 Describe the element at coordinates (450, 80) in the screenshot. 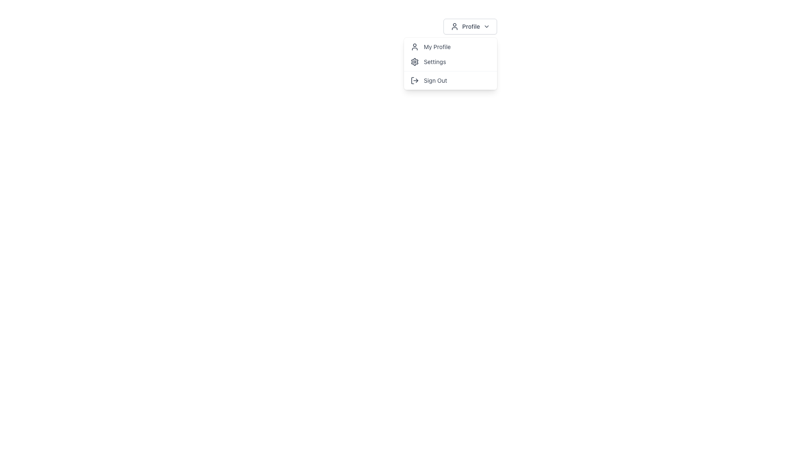

I see `the 'Logout' button in the dropdown menu` at that location.